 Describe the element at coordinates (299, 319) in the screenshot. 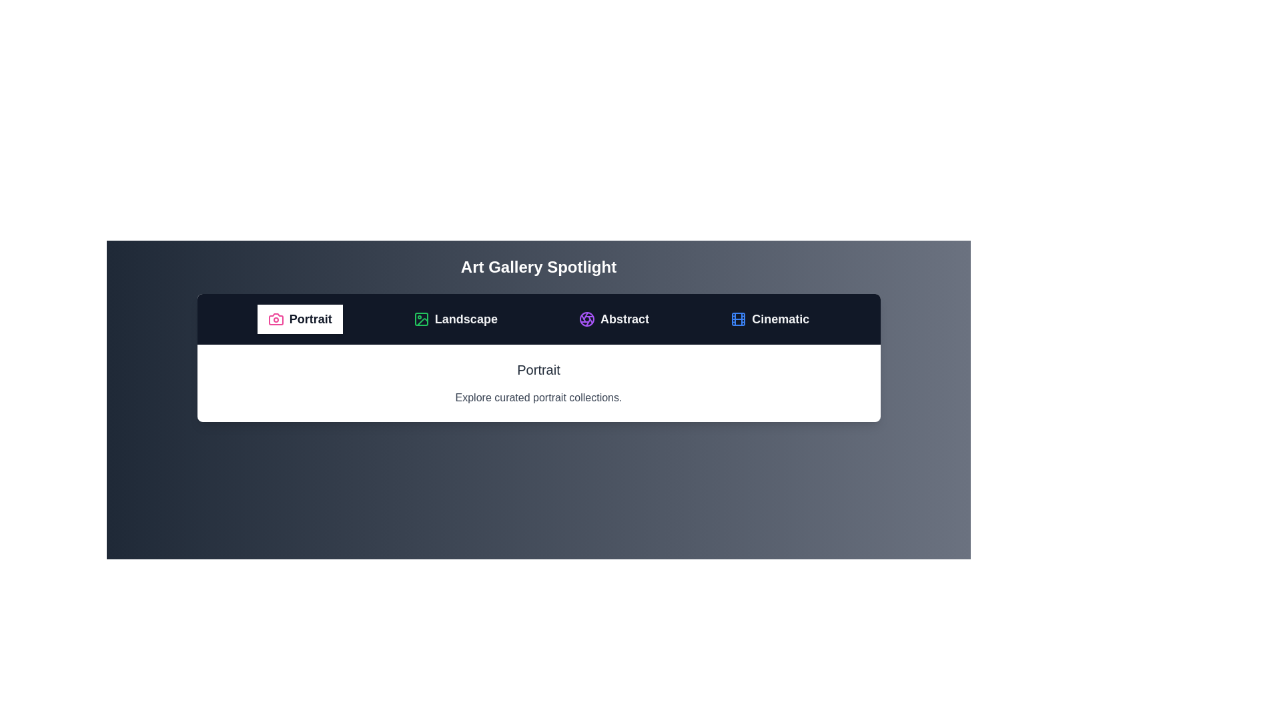

I see `the tab labeled Portrait` at that location.